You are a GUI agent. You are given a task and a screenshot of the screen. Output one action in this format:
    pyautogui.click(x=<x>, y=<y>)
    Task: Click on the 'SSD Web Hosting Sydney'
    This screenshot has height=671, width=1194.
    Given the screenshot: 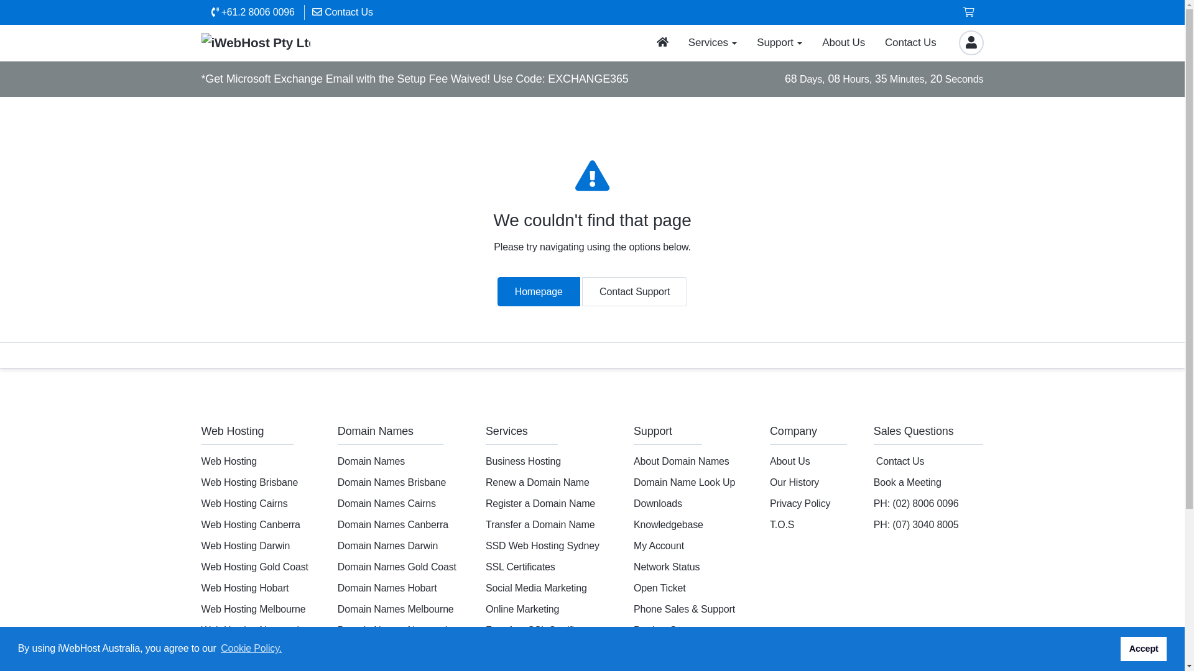 What is the action you would take?
    pyautogui.click(x=485, y=545)
    